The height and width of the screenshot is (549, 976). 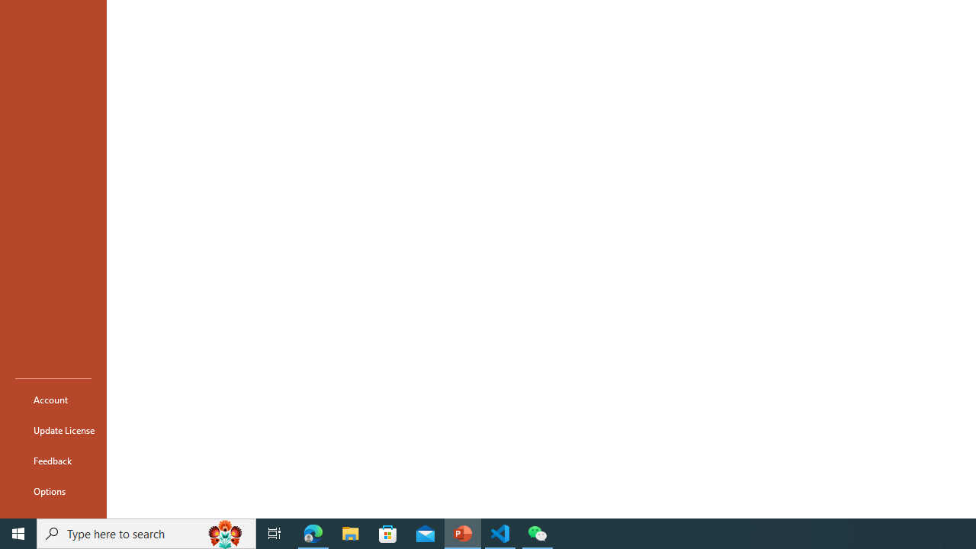 I want to click on 'Feedback', so click(x=53, y=460).